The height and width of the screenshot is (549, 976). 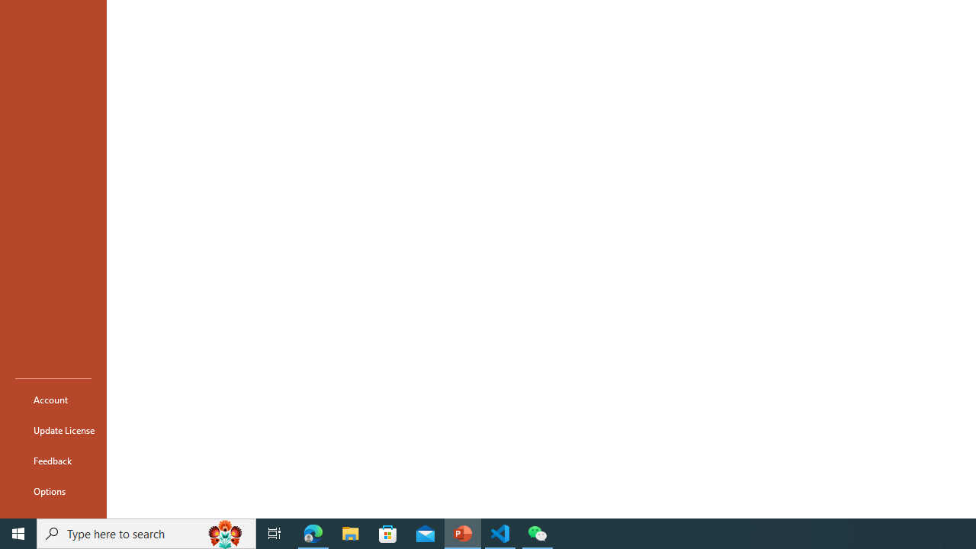 I want to click on 'Feedback', so click(x=53, y=460).